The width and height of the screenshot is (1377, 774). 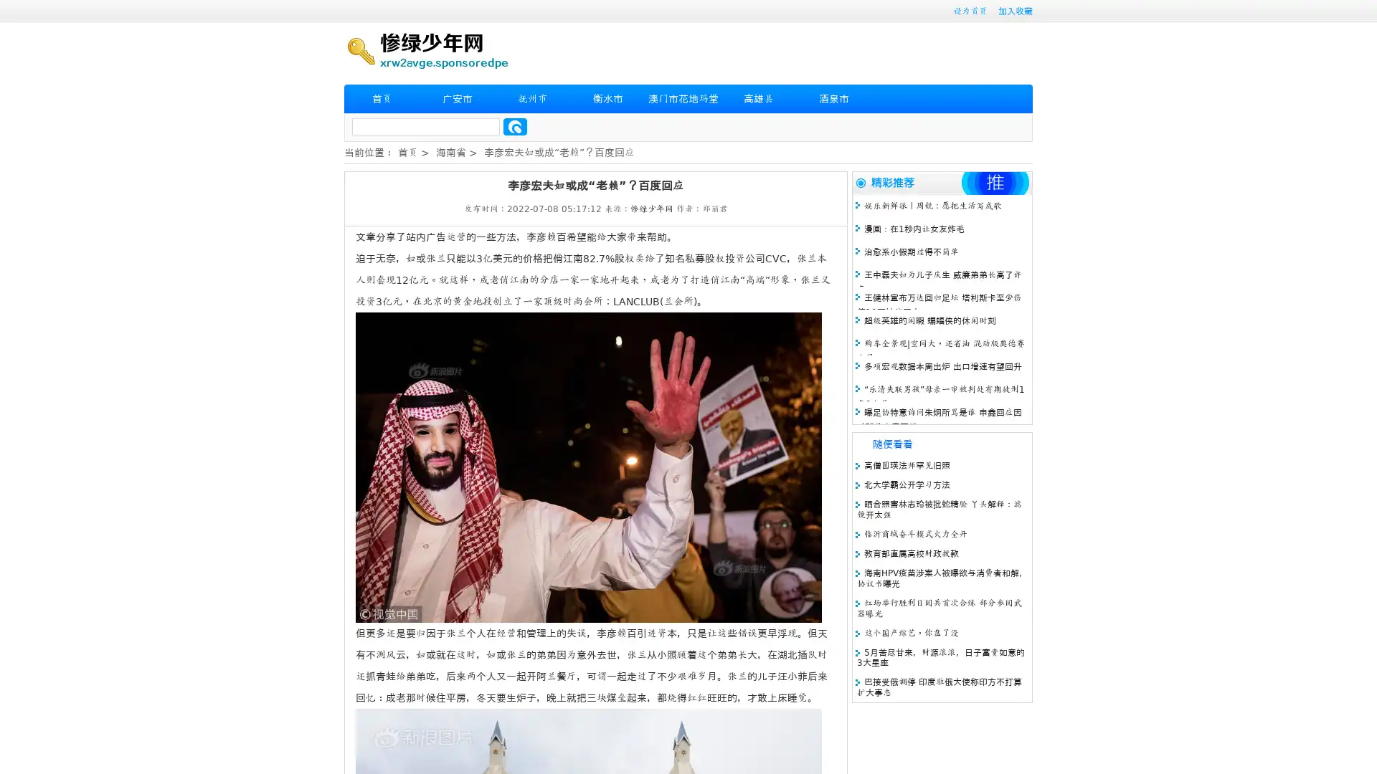 What do you see at coordinates (515, 126) in the screenshot?
I see `Search` at bounding box center [515, 126].